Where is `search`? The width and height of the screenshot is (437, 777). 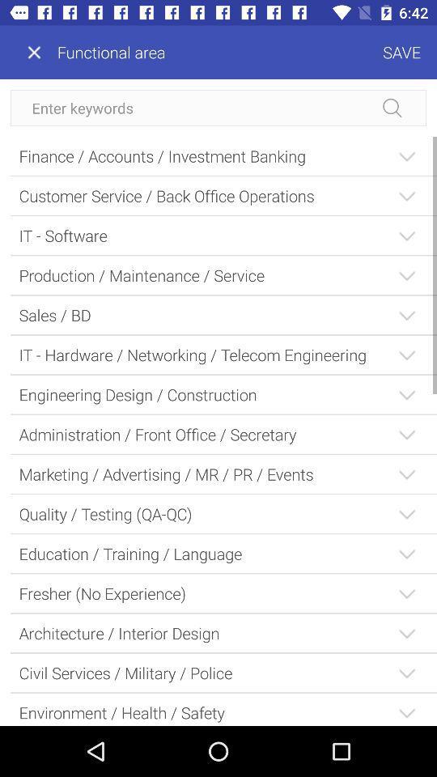
search is located at coordinates (218, 107).